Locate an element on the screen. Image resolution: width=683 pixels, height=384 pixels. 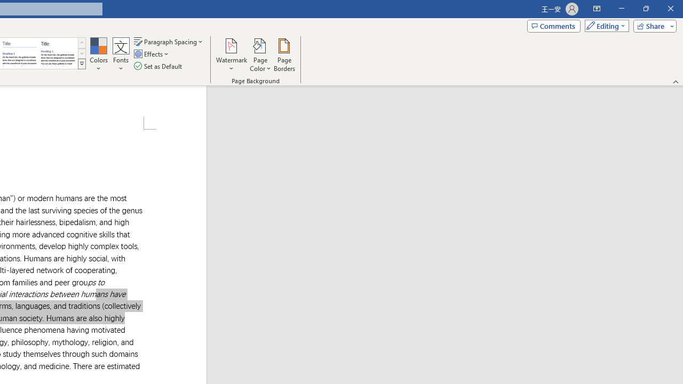
'Word 2013' is located at coordinates (57, 53).